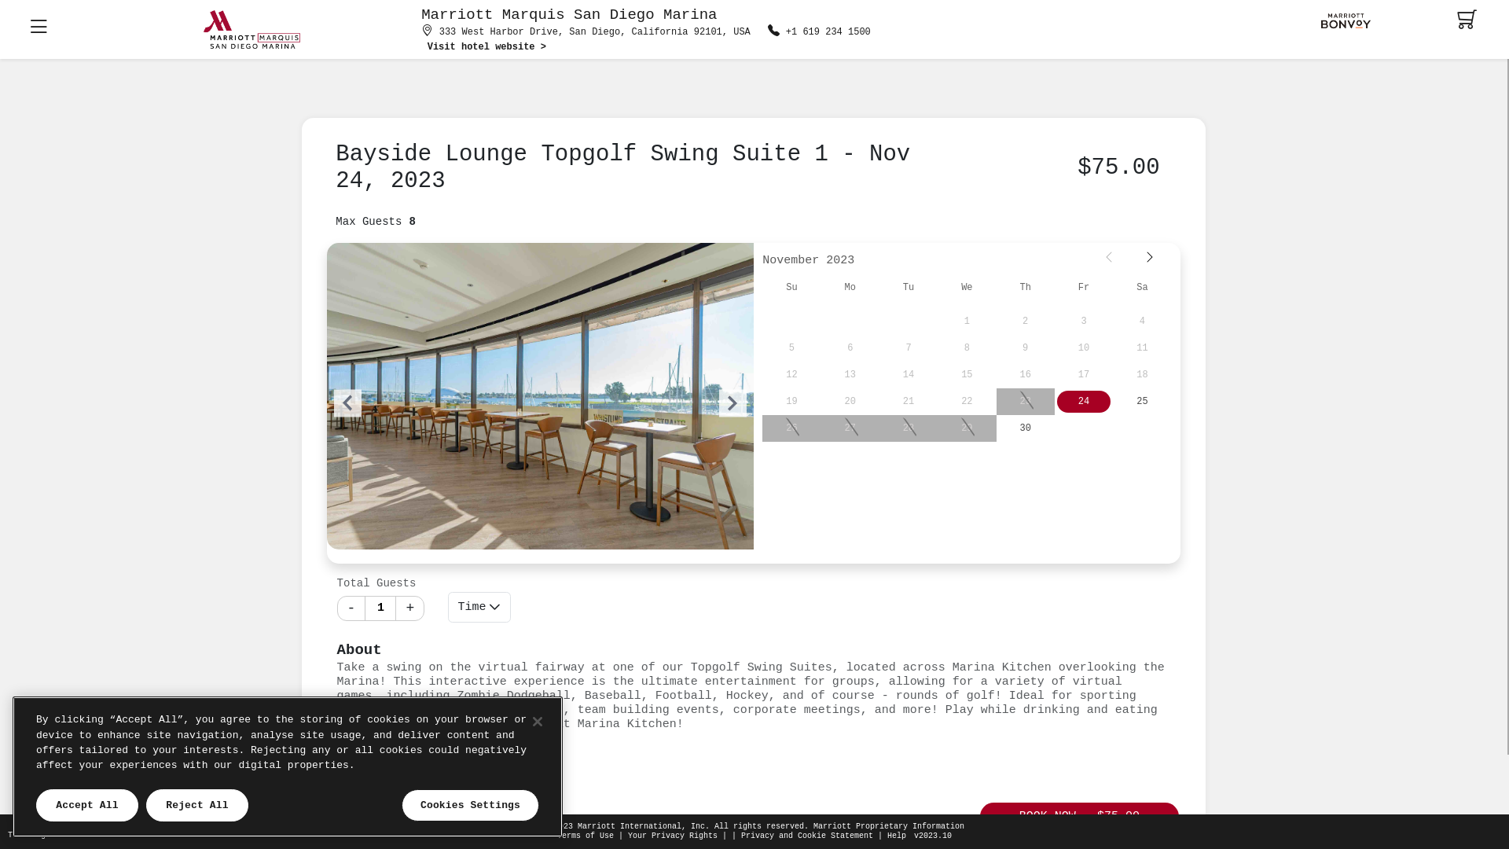  Describe the element at coordinates (672, 835) in the screenshot. I see `'Your Privacy Rights'` at that location.